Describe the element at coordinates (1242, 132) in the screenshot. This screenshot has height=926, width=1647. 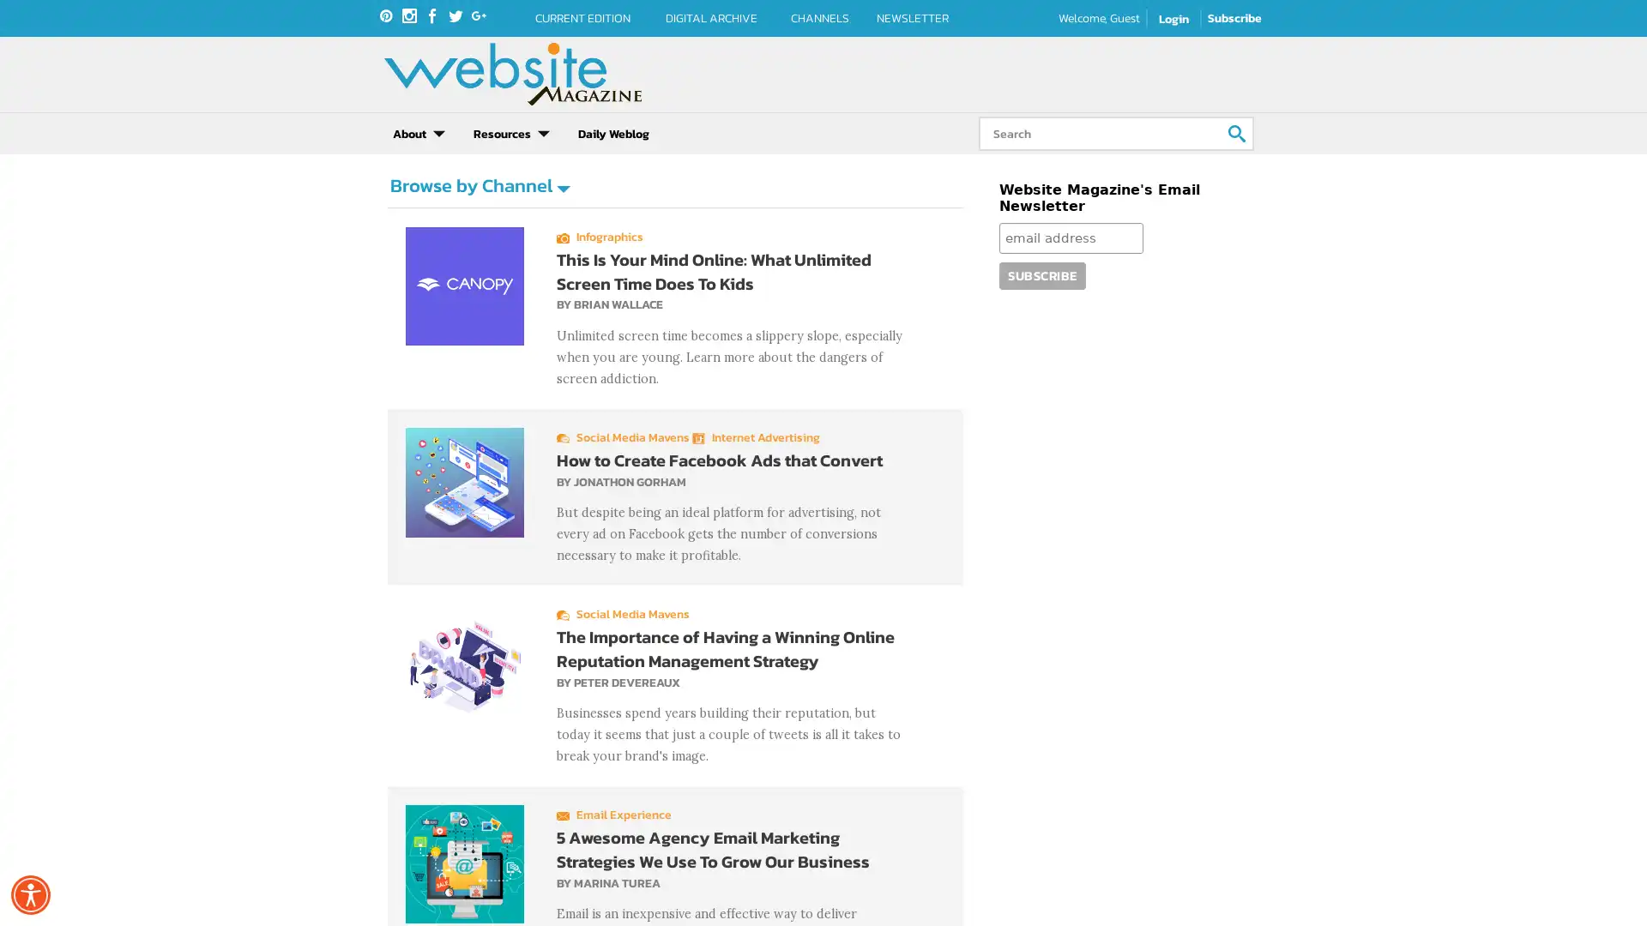
I see `button` at that location.